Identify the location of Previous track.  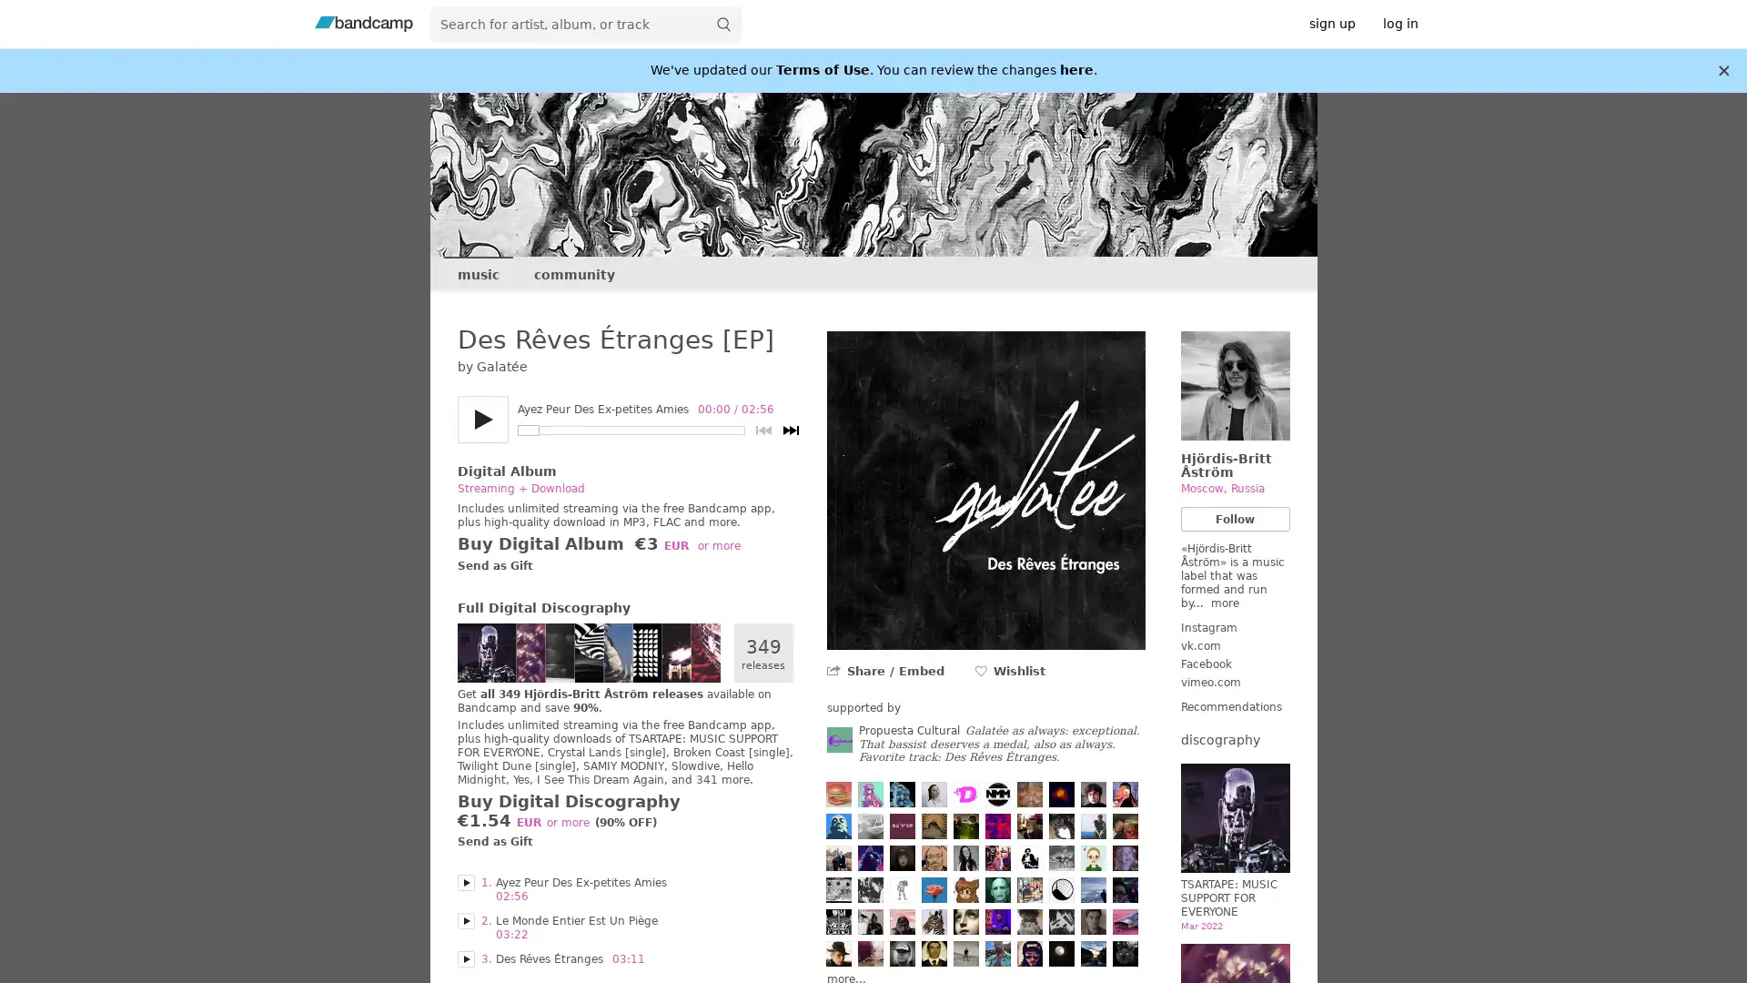
(762, 431).